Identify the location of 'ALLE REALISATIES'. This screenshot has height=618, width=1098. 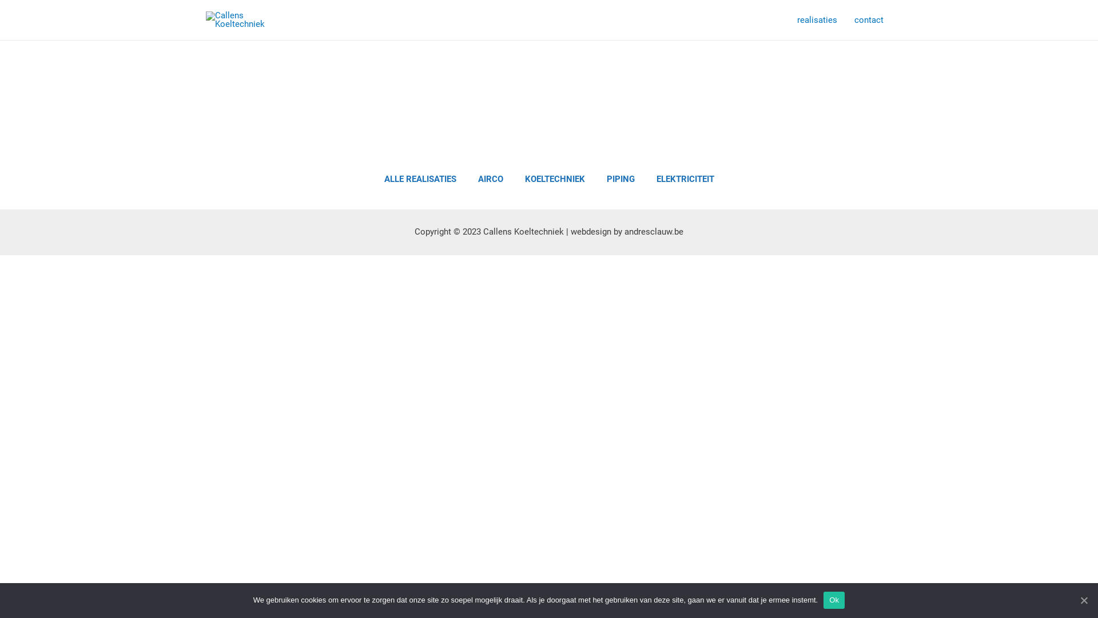
(419, 179).